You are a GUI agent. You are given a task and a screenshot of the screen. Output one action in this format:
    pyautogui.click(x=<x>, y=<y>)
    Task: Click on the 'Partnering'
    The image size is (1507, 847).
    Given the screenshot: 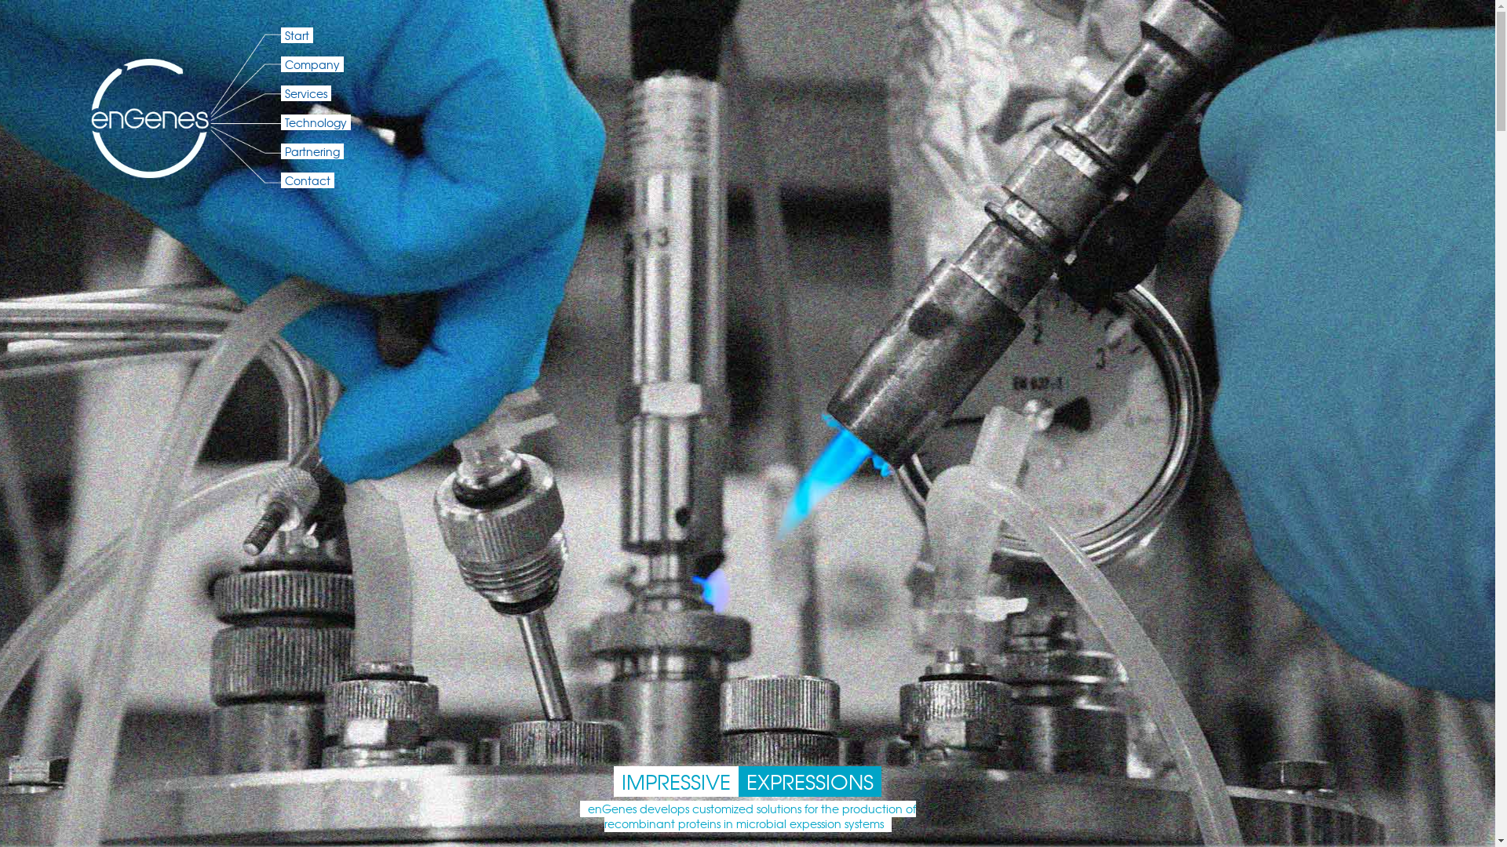 What is the action you would take?
    pyautogui.click(x=312, y=151)
    